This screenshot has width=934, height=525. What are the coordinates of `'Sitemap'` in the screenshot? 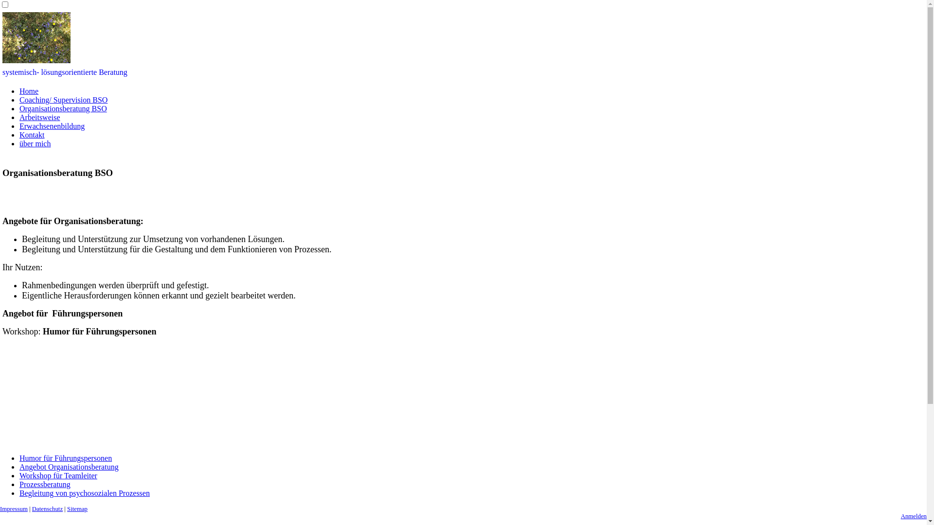 It's located at (76, 508).